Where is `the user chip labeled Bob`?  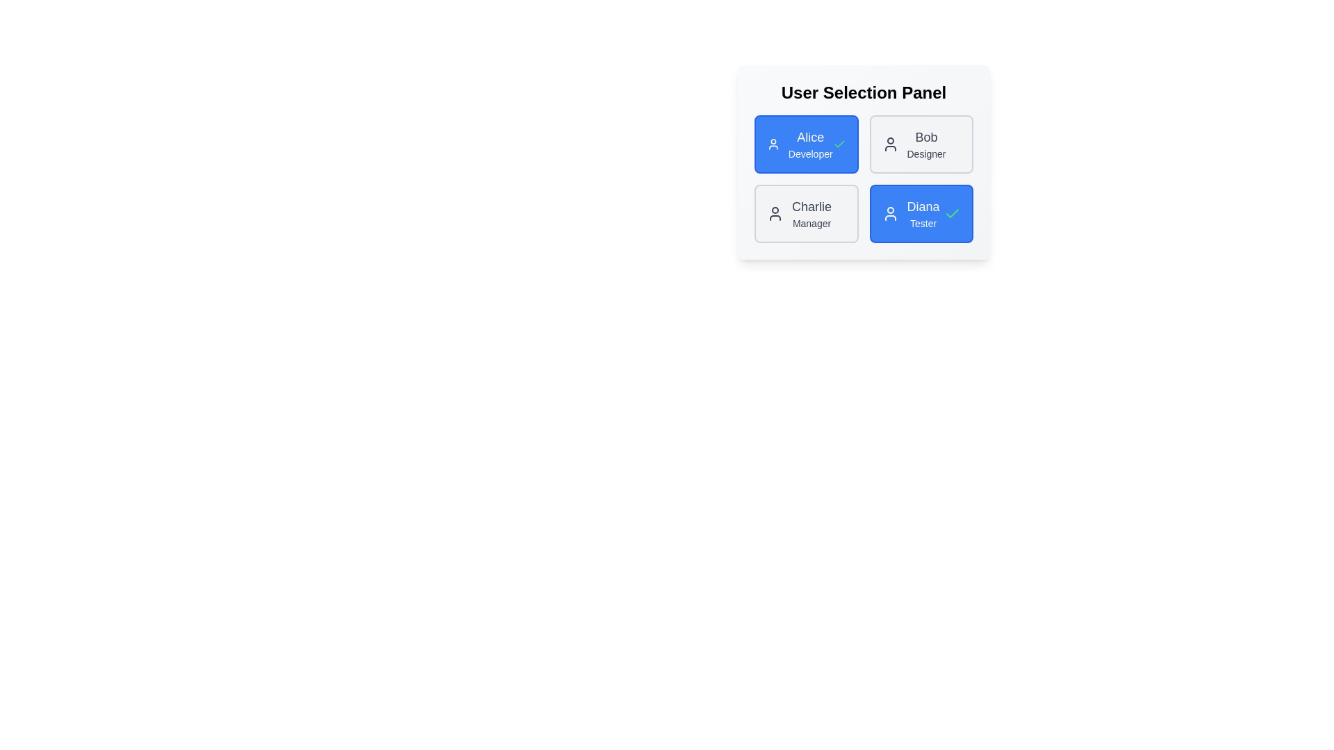 the user chip labeled Bob is located at coordinates (921, 144).